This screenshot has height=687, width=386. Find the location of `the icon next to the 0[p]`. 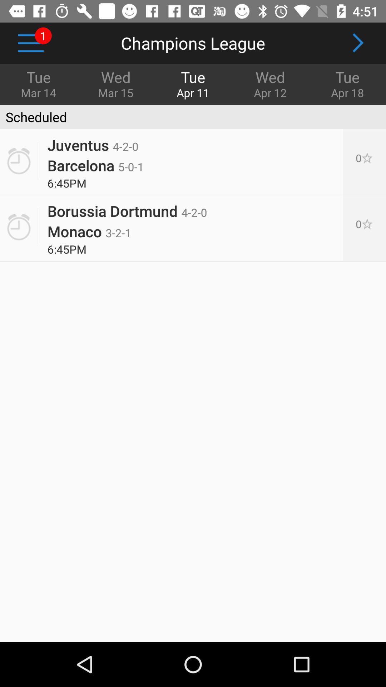

the icon next to the 0[p] is located at coordinates (89, 231).